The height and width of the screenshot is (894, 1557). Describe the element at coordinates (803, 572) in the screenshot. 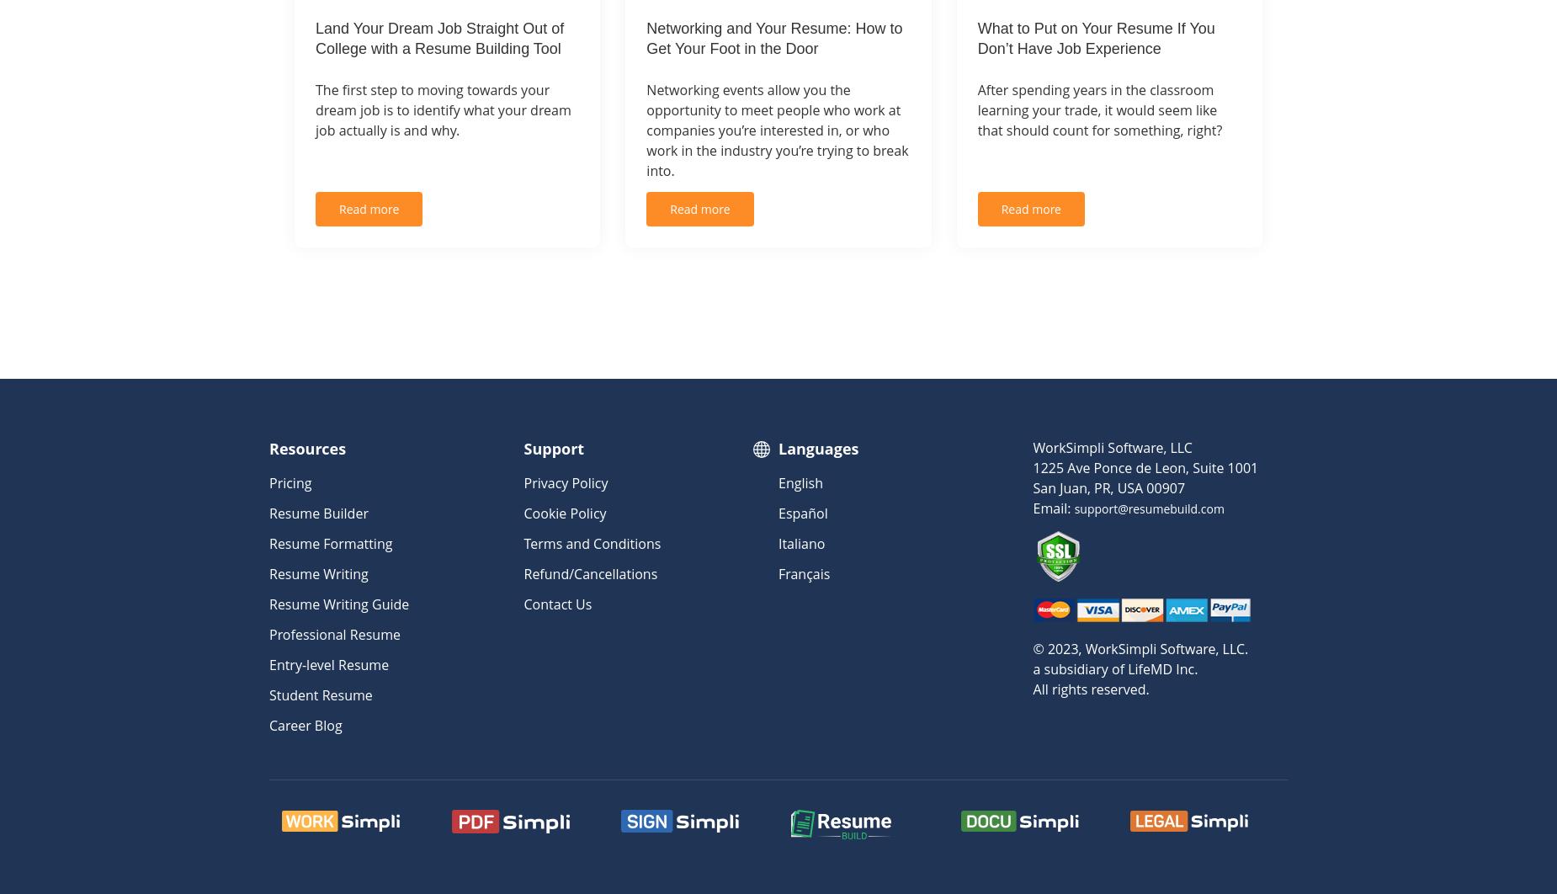

I see `'Français'` at that location.